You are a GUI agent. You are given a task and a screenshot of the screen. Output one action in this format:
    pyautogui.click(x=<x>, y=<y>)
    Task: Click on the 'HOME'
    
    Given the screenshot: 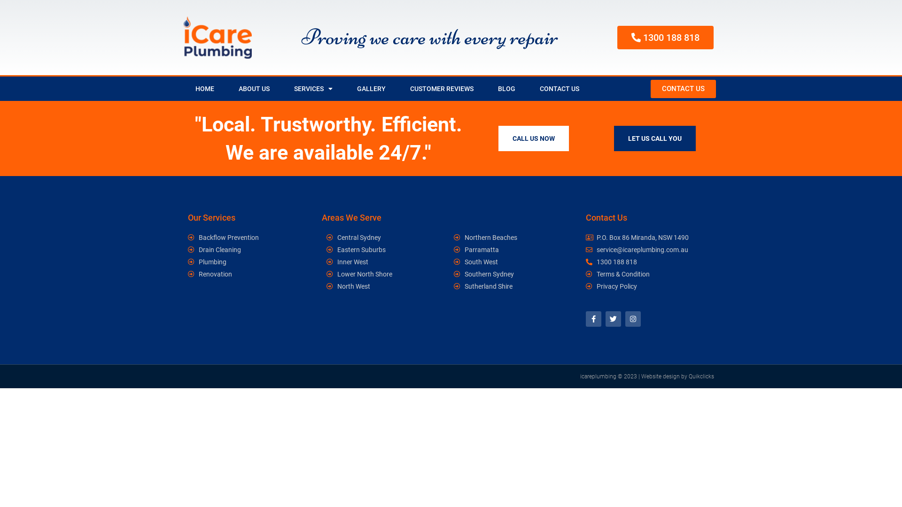 What is the action you would take?
    pyautogui.click(x=204, y=89)
    